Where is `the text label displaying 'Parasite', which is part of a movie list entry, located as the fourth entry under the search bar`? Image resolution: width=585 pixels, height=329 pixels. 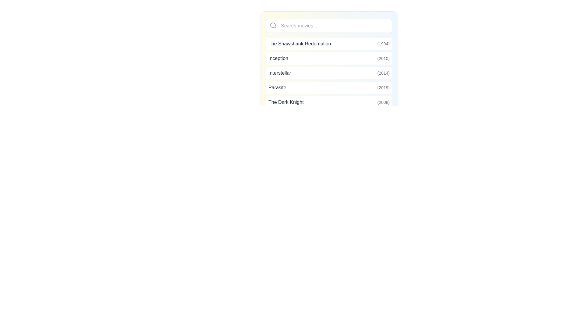
the text label displaying 'Parasite', which is part of a movie list entry, located as the fourth entry under the search bar is located at coordinates (277, 88).